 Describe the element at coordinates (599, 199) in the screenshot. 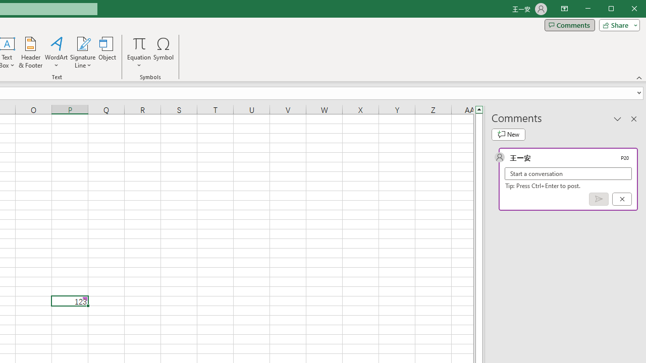

I see `'Post comment (Ctrl + Enter)'` at that location.